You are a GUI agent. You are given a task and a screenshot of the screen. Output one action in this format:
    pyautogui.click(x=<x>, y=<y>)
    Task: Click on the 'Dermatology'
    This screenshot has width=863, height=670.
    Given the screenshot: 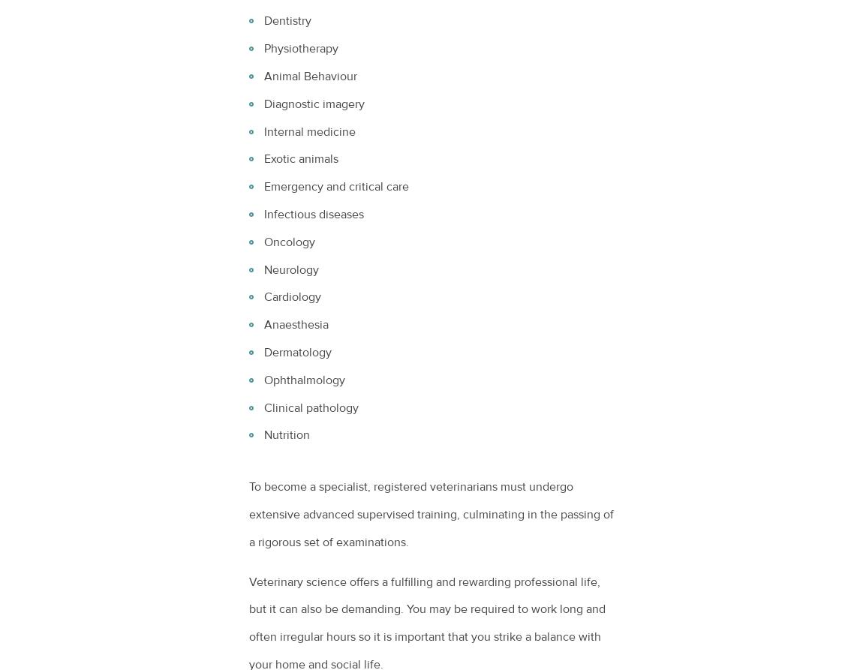 What is the action you would take?
    pyautogui.click(x=297, y=351)
    